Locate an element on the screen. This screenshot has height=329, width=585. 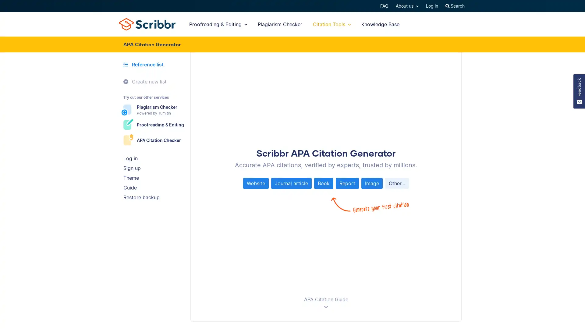
Theme is located at coordinates (155, 177).